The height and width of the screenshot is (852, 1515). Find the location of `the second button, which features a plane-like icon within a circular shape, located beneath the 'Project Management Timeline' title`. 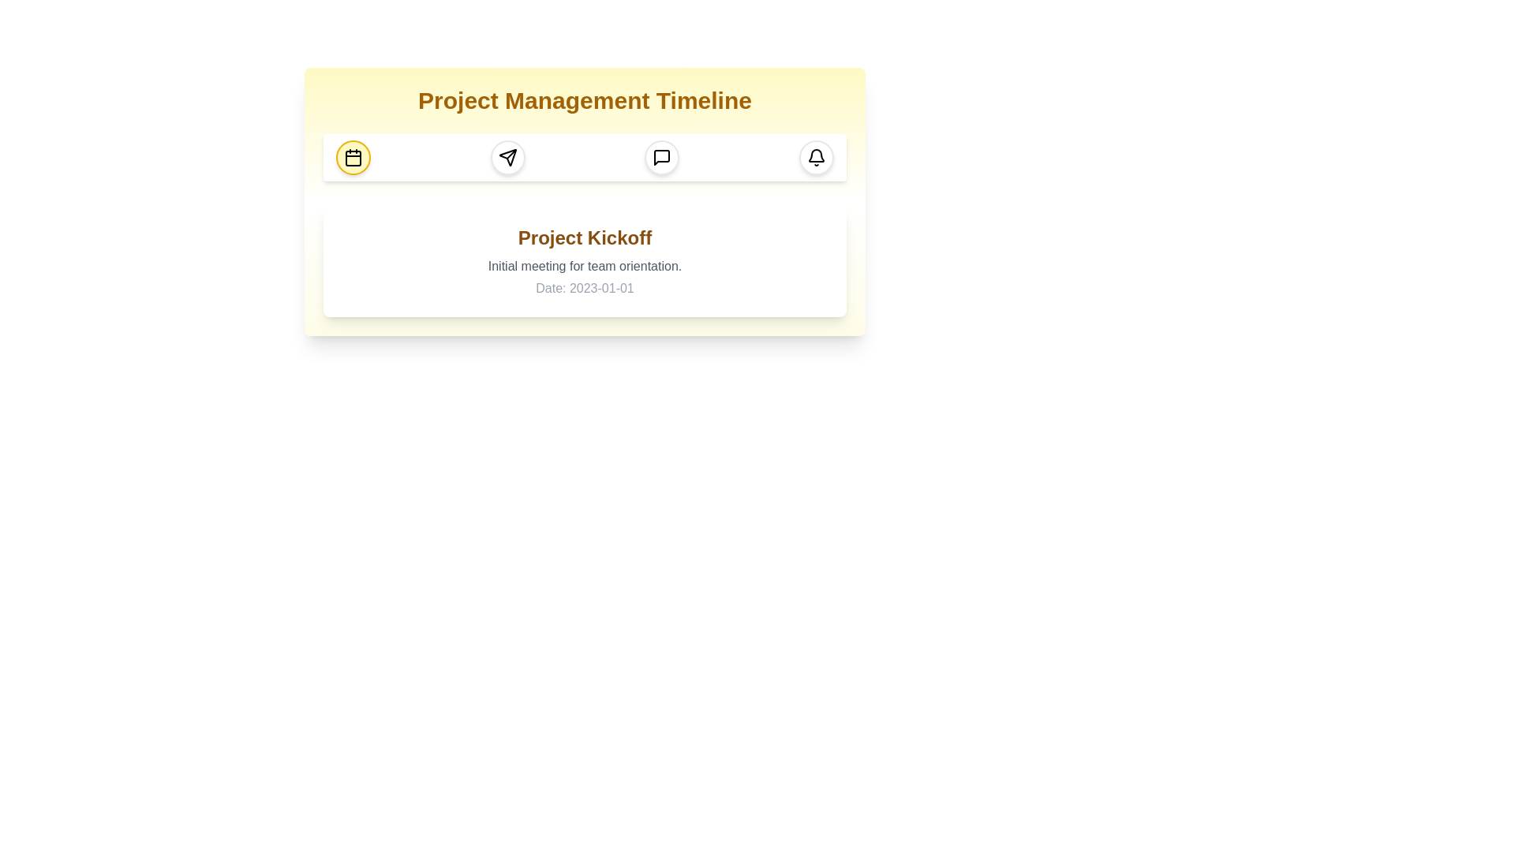

the second button, which features a plane-like icon within a circular shape, located beneath the 'Project Management Timeline' title is located at coordinates (507, 158).